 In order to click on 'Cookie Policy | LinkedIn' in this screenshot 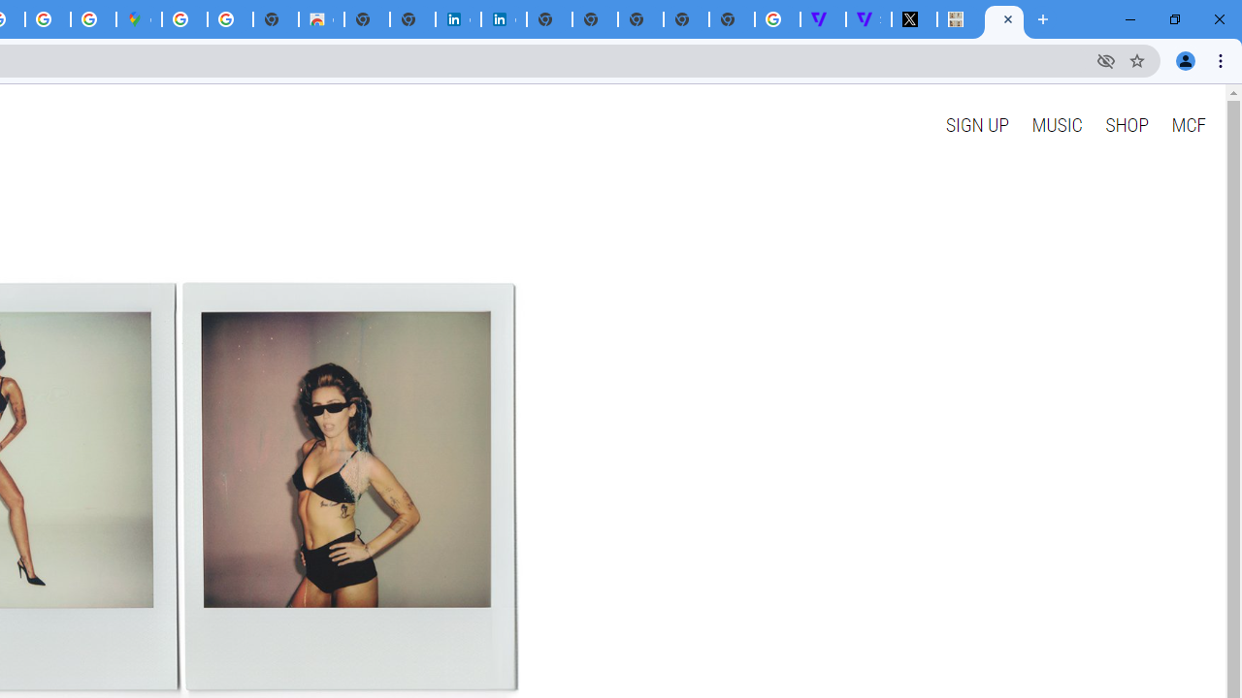, I will do `click(504, 19)`.